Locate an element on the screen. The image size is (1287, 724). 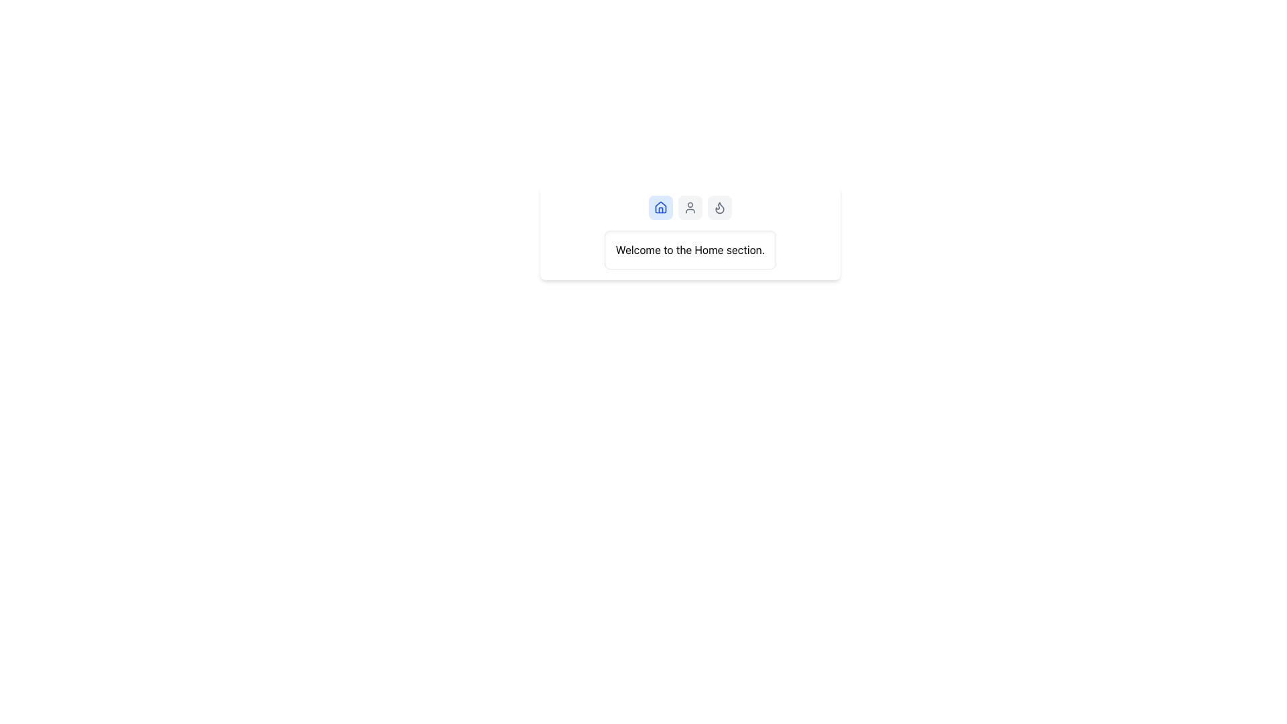
message displayed in the white rectangular card that says 'Welcome to the Home section.' is located at coordinates (690, 232).